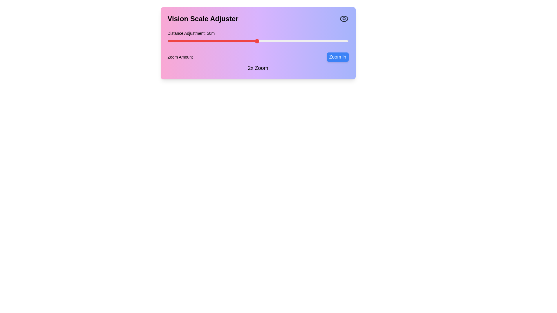 Image resolution: width=557 pixels, height=313 pixels. I want to click on the static text label that reads 'Zoom Amount', which is positioned on the left side of the 'Zoom In' element, so click(180, 57).